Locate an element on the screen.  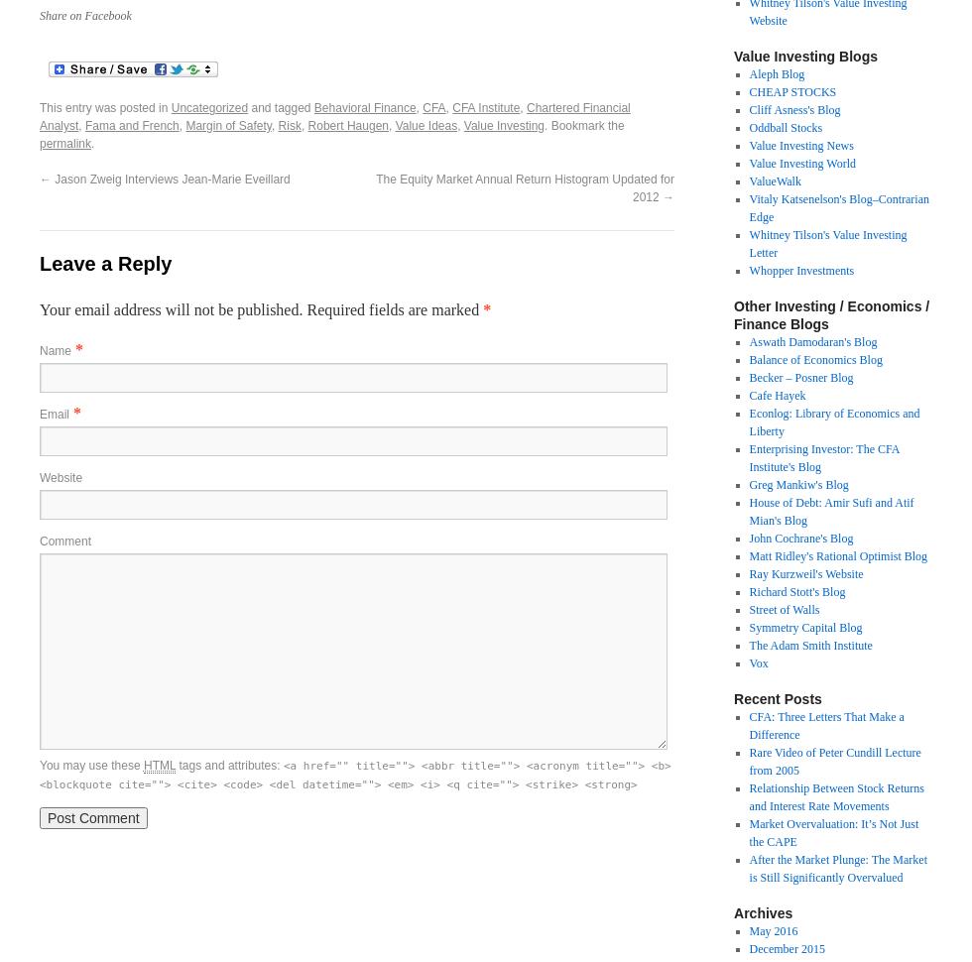
'Recent Posts' is located at coordinates (778, 698).